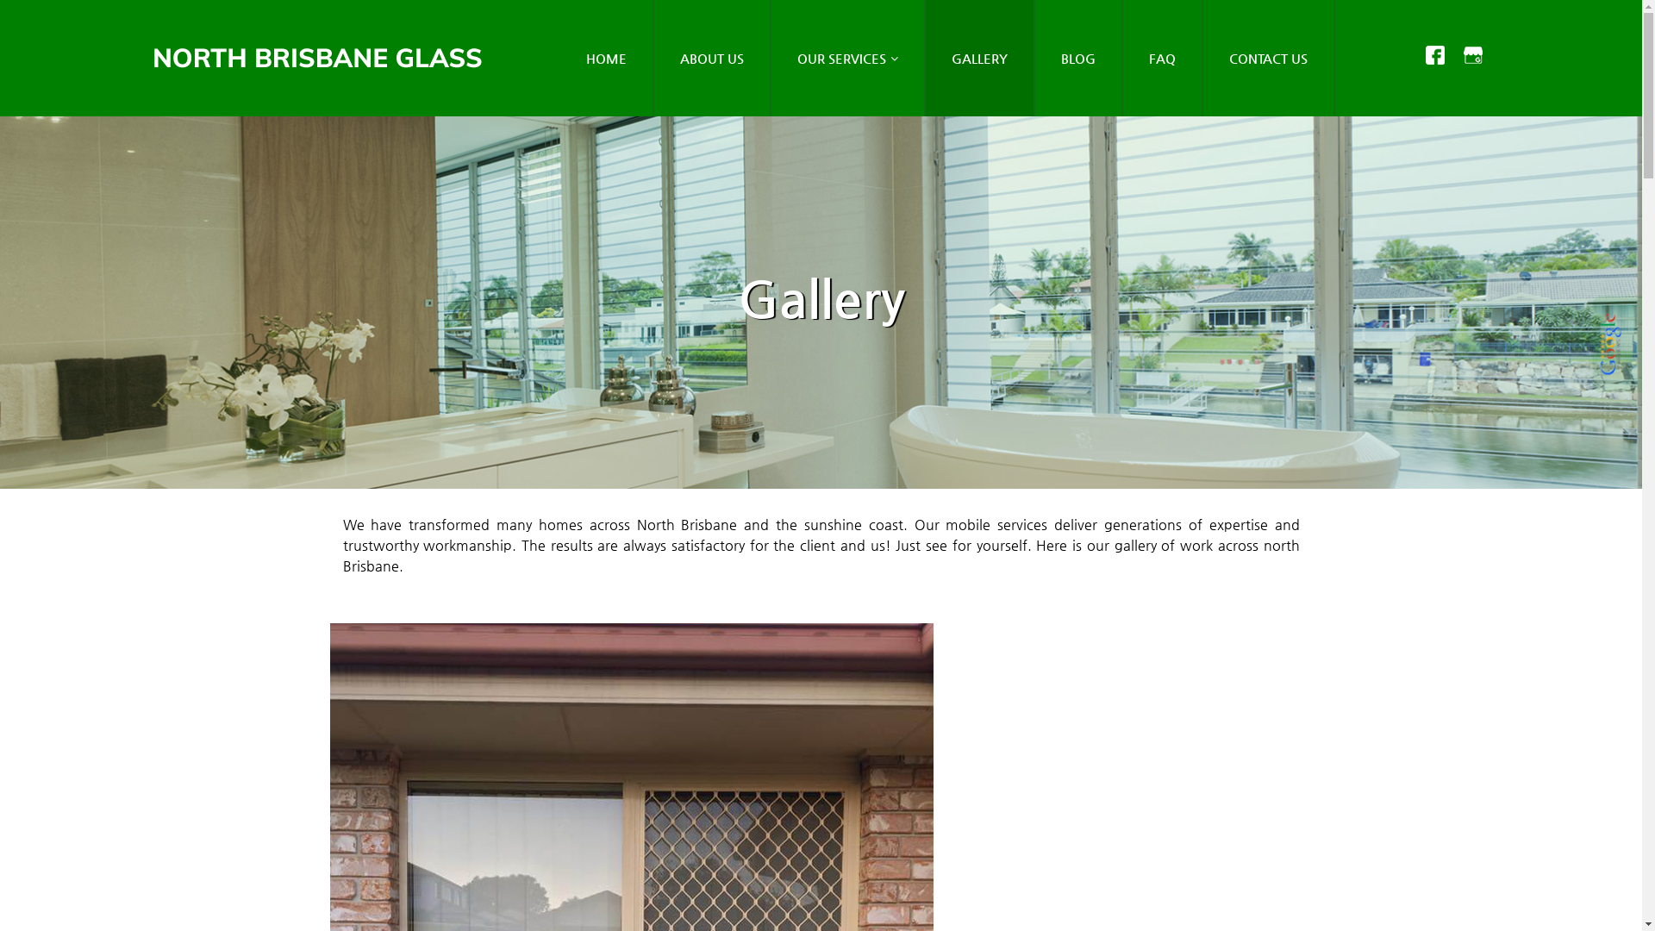 The width and height of the screenshot is (1655, 931). Describe the element at coordinates (1269, 57) in the screenshot. I see `'CONTACT US'` at that location.